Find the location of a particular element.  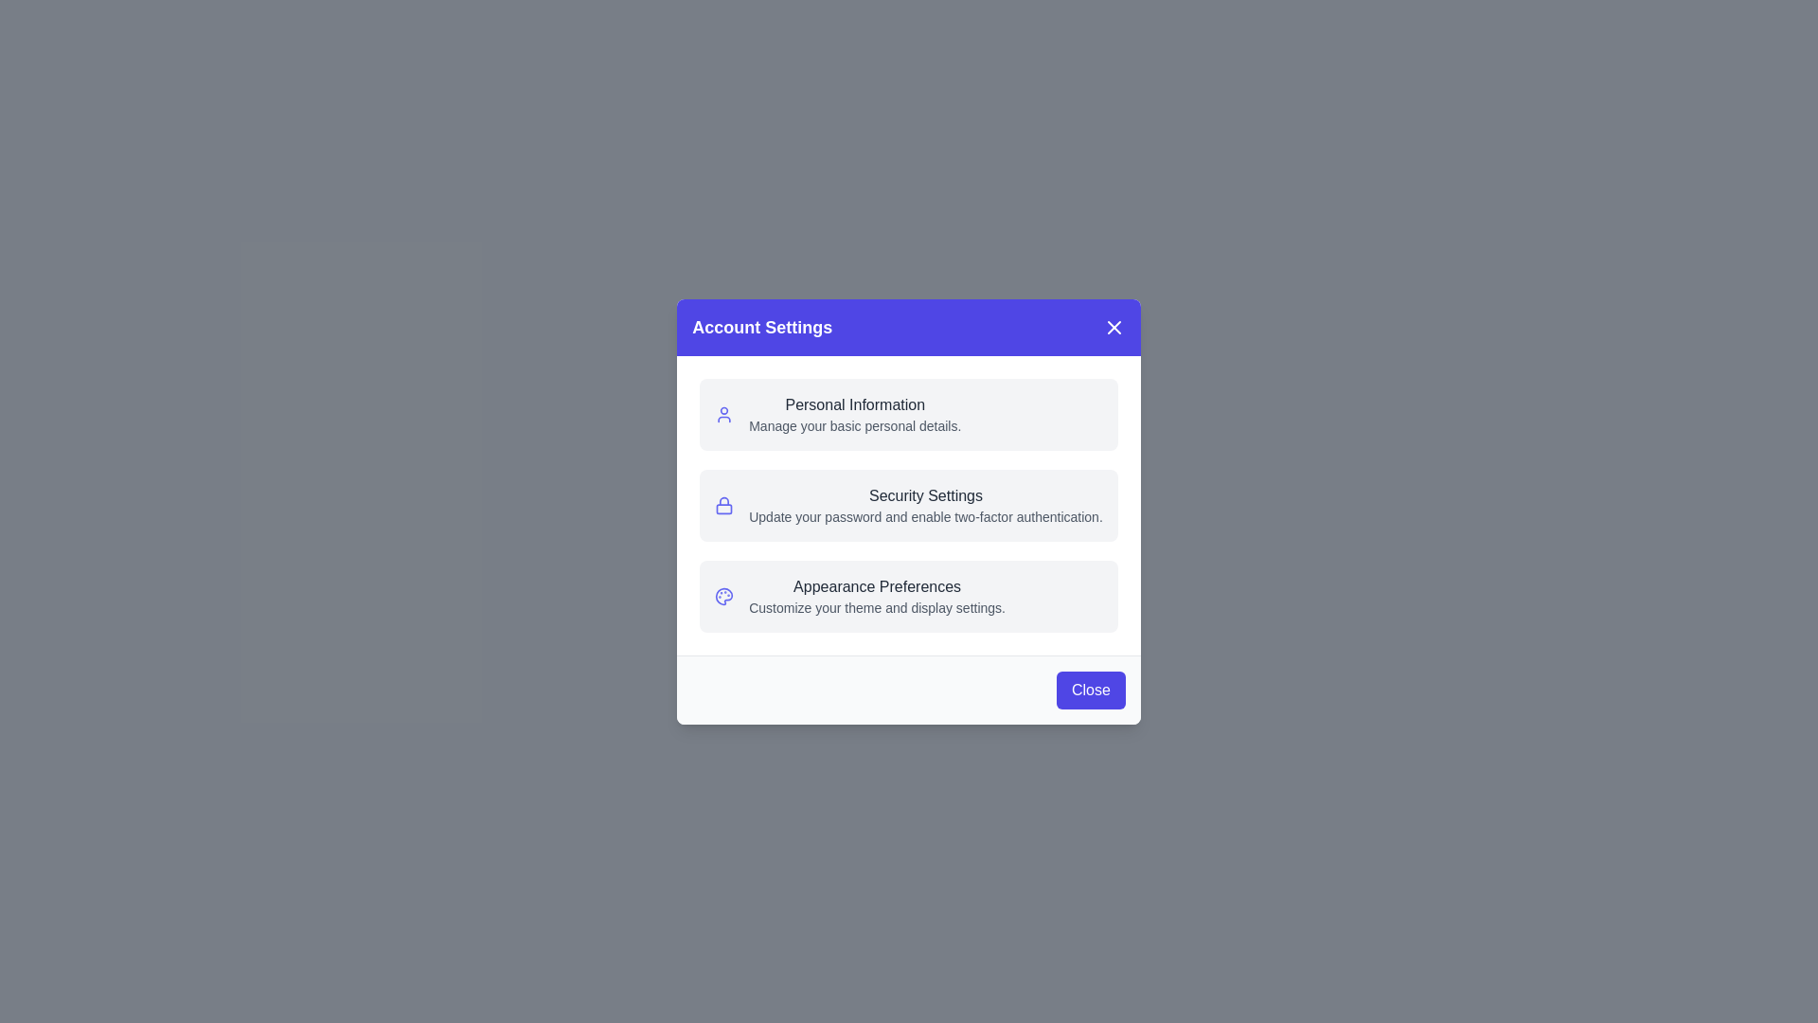

the 'Personal Information' text block in the 'Account Settings' modal to focus on it is located at coordinates (854, 413).